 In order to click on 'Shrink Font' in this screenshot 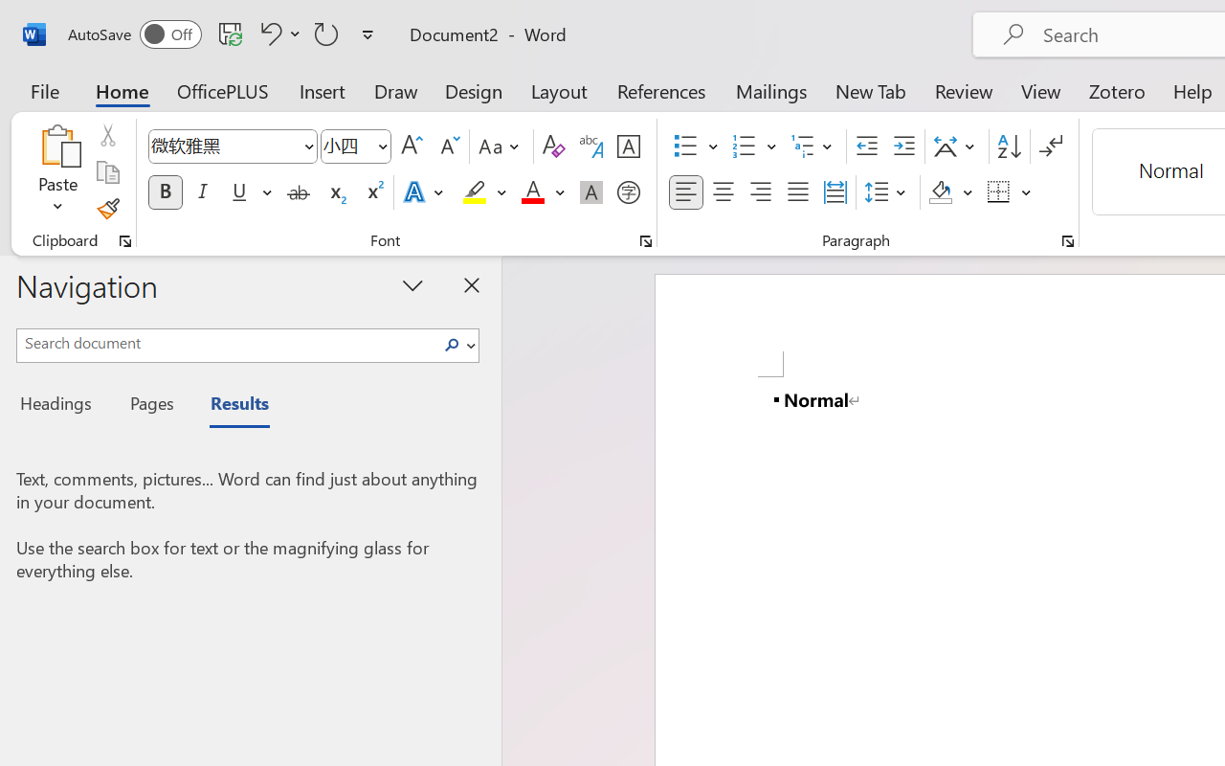, I will do `click(447, 146)`.